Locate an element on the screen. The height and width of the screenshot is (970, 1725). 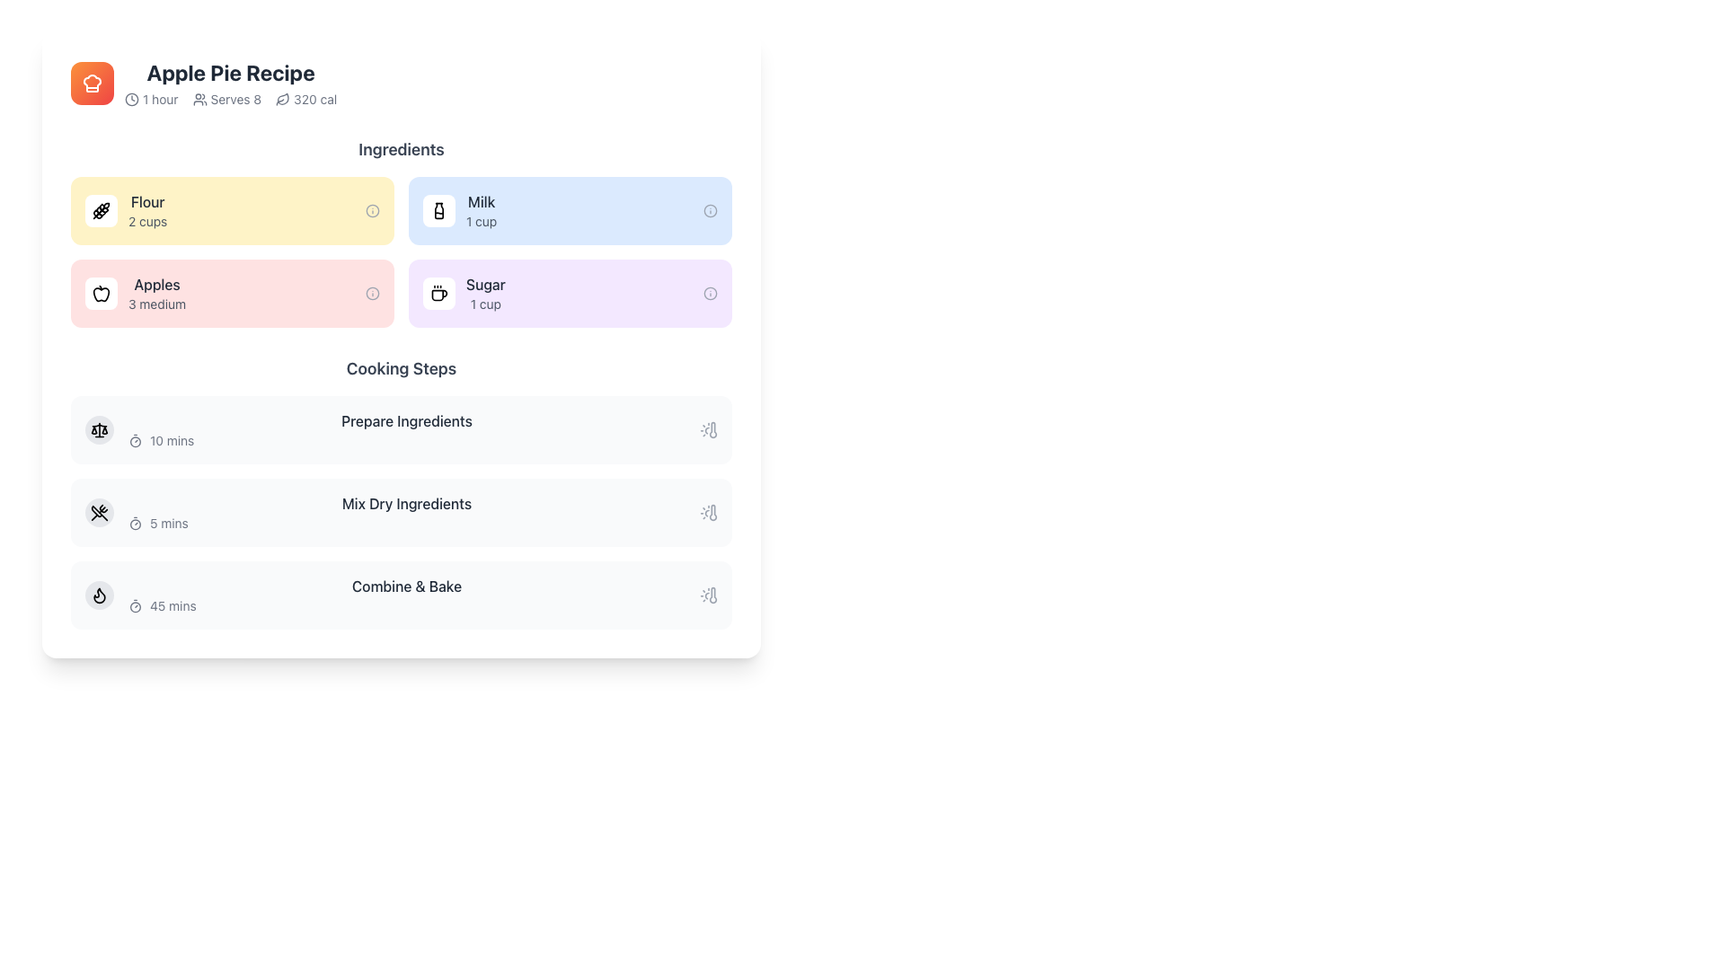
the temperature-related icon located to the far right under the 'Mix Dry Ingredients' step in the 'Cooking Steps' section is located at coordinates (707, 512).